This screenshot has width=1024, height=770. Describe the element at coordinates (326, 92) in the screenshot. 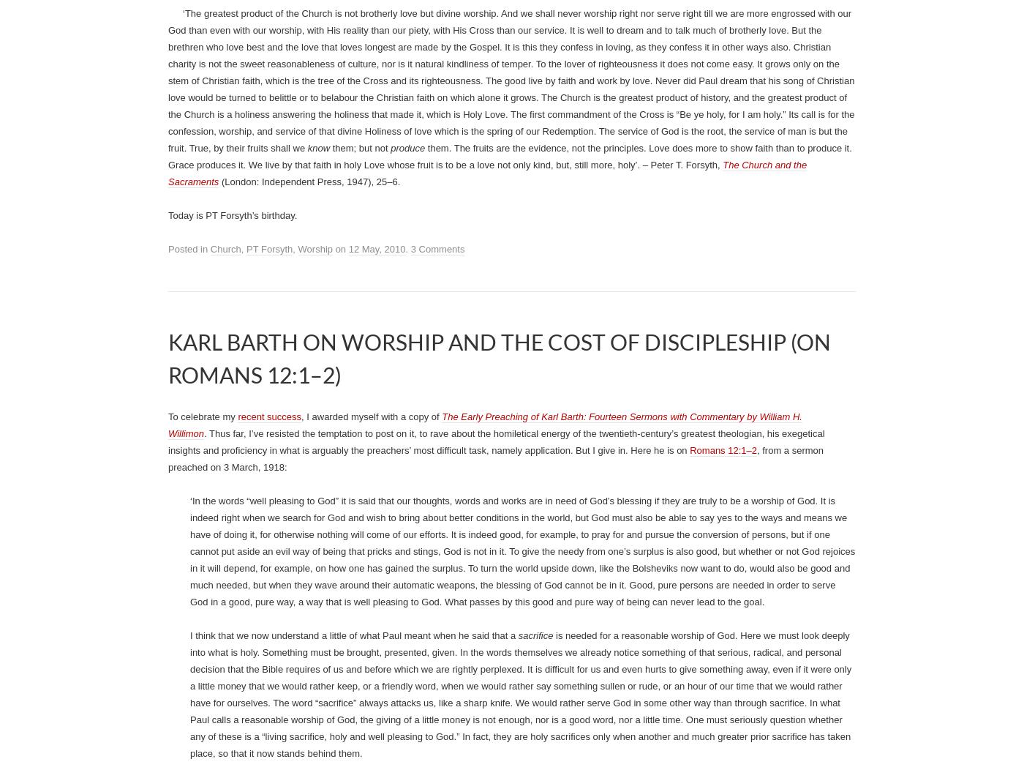

I see `'note on misreading.'` at that location.